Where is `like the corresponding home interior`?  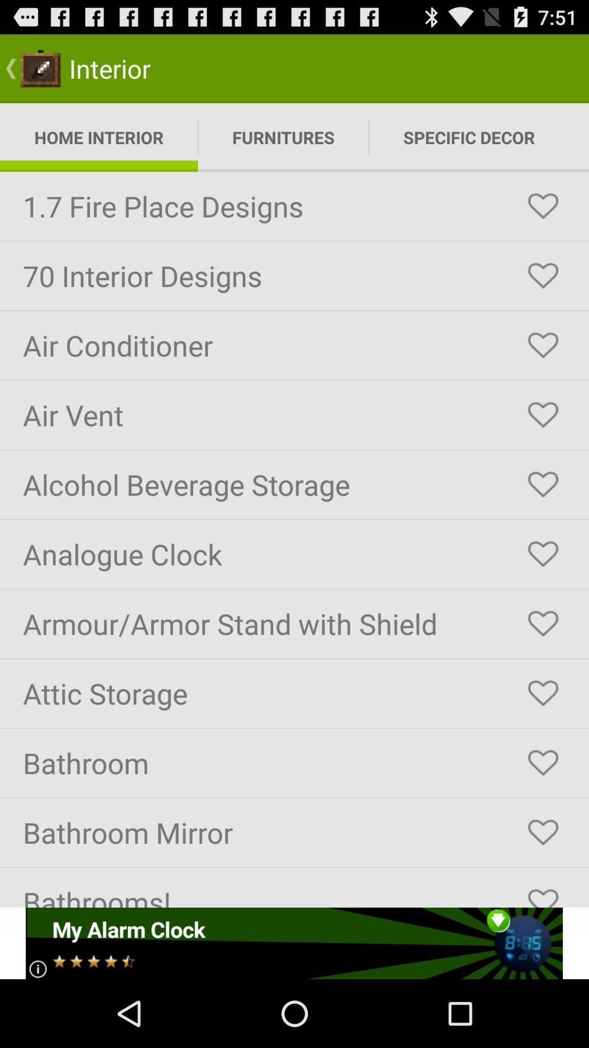 like the corresponding home interior is located at coordinates (543, 206).